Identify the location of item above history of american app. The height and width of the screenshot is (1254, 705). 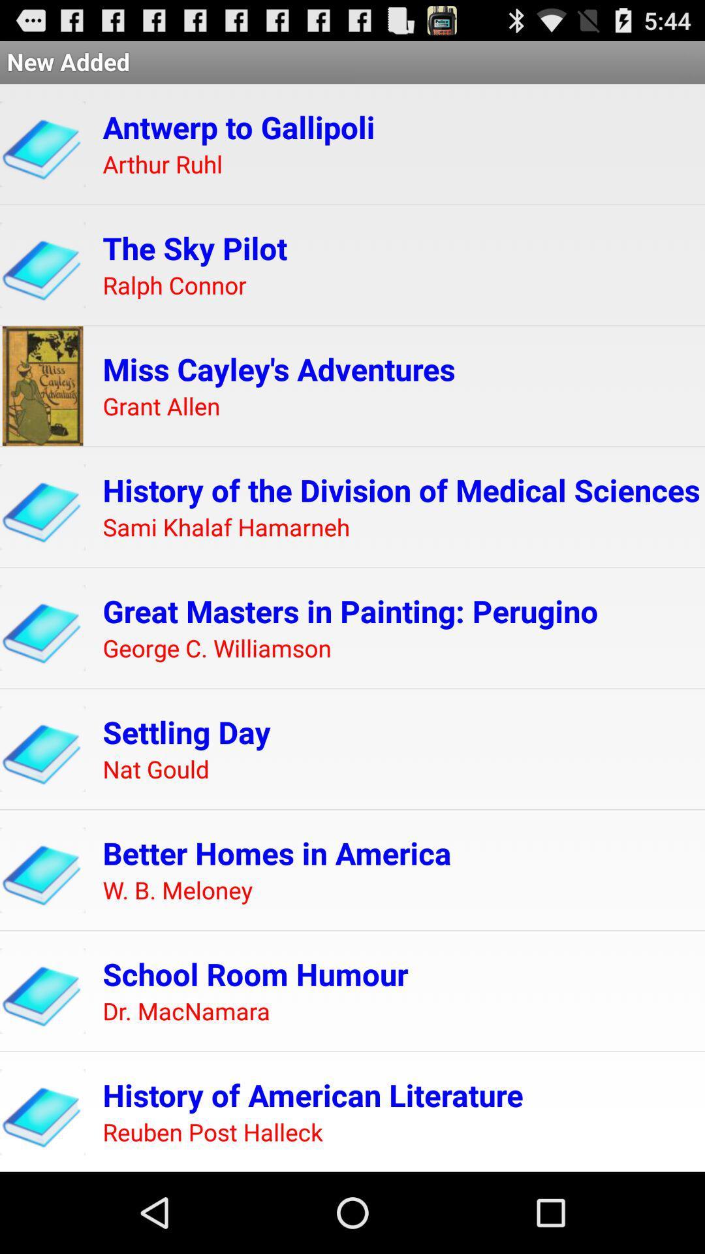
(186, 1011).